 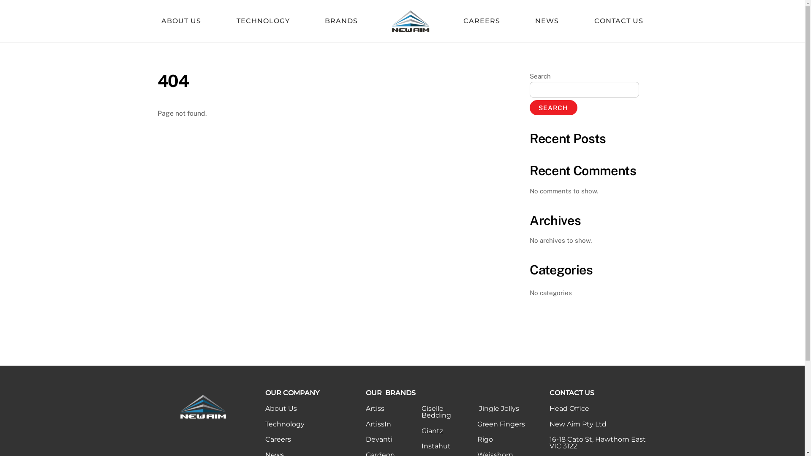 I want to click on 'Artiss', so click(x=375, y=408).